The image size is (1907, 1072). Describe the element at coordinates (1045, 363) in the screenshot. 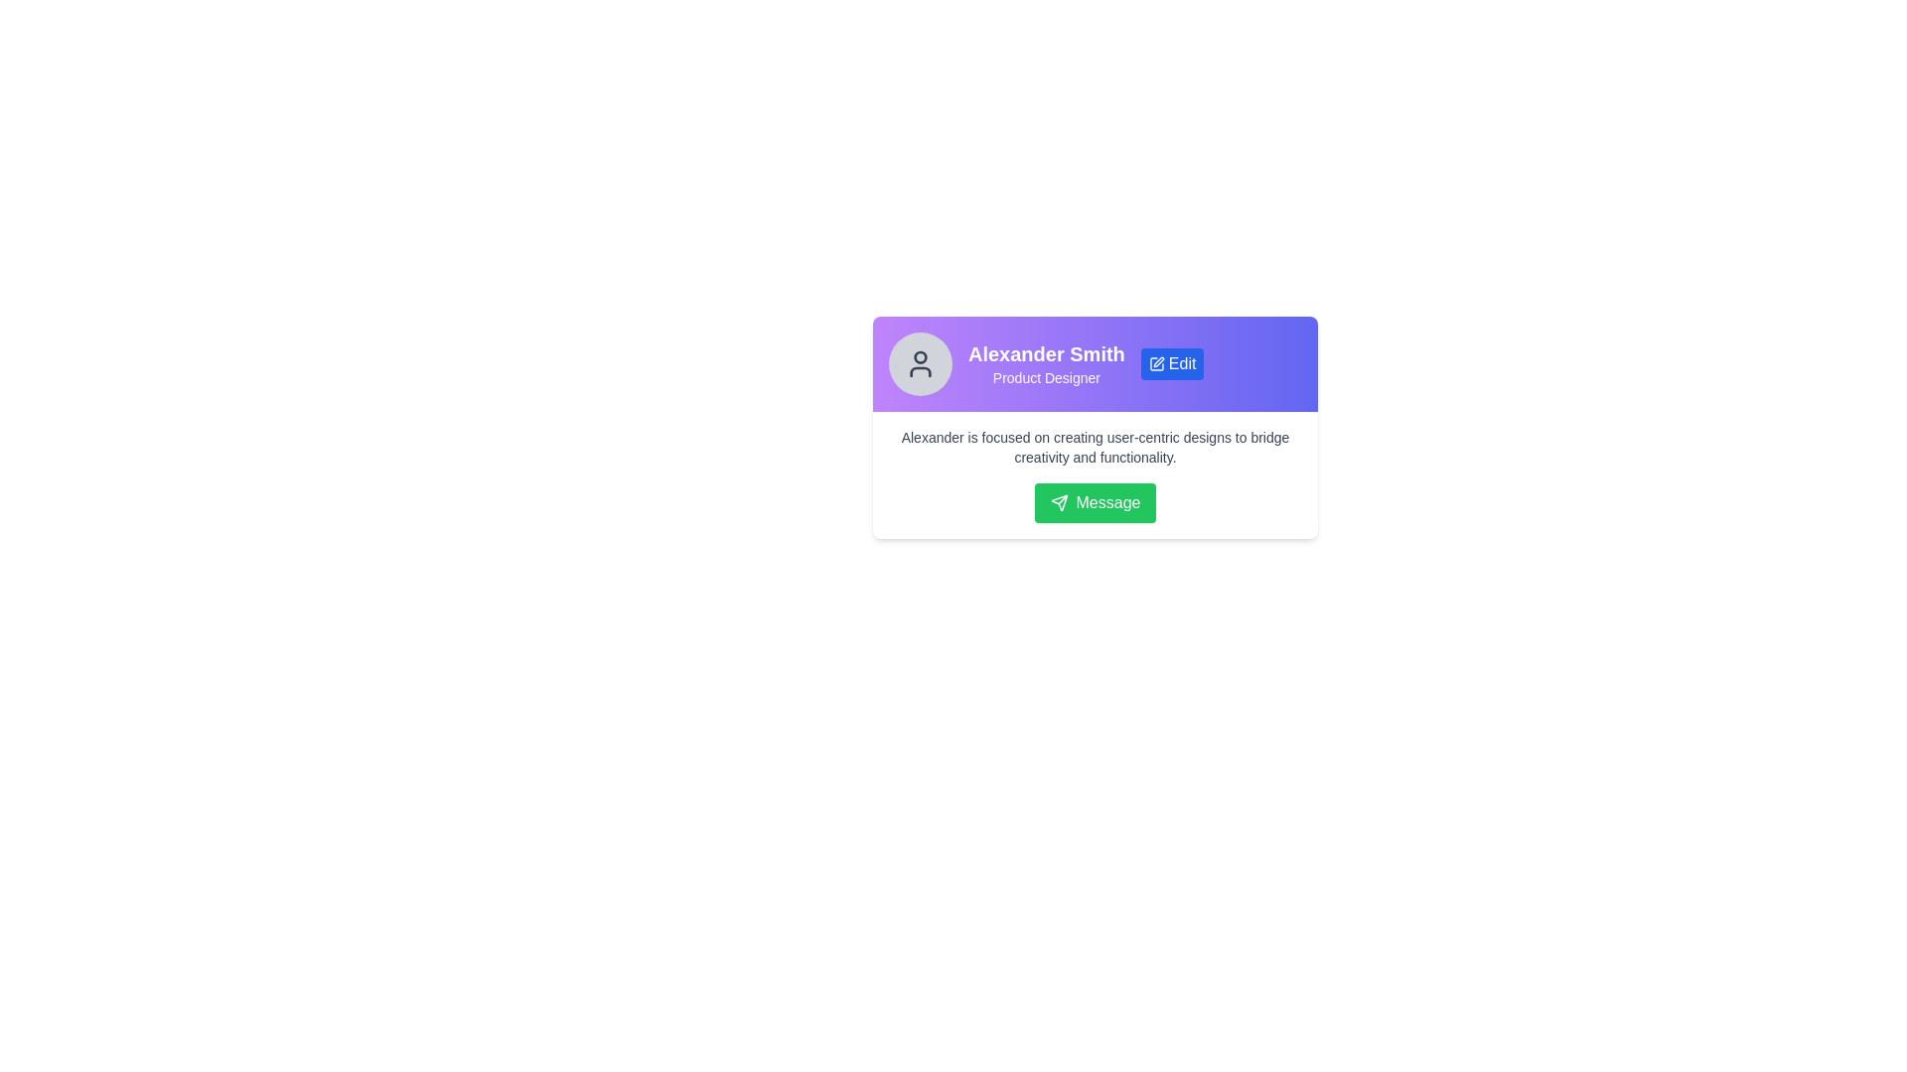

I see `the text display block containing 'Alexander Smith' and 'Product Designer' on a gradient background, located in the upper section of the card-like UI` at that location.